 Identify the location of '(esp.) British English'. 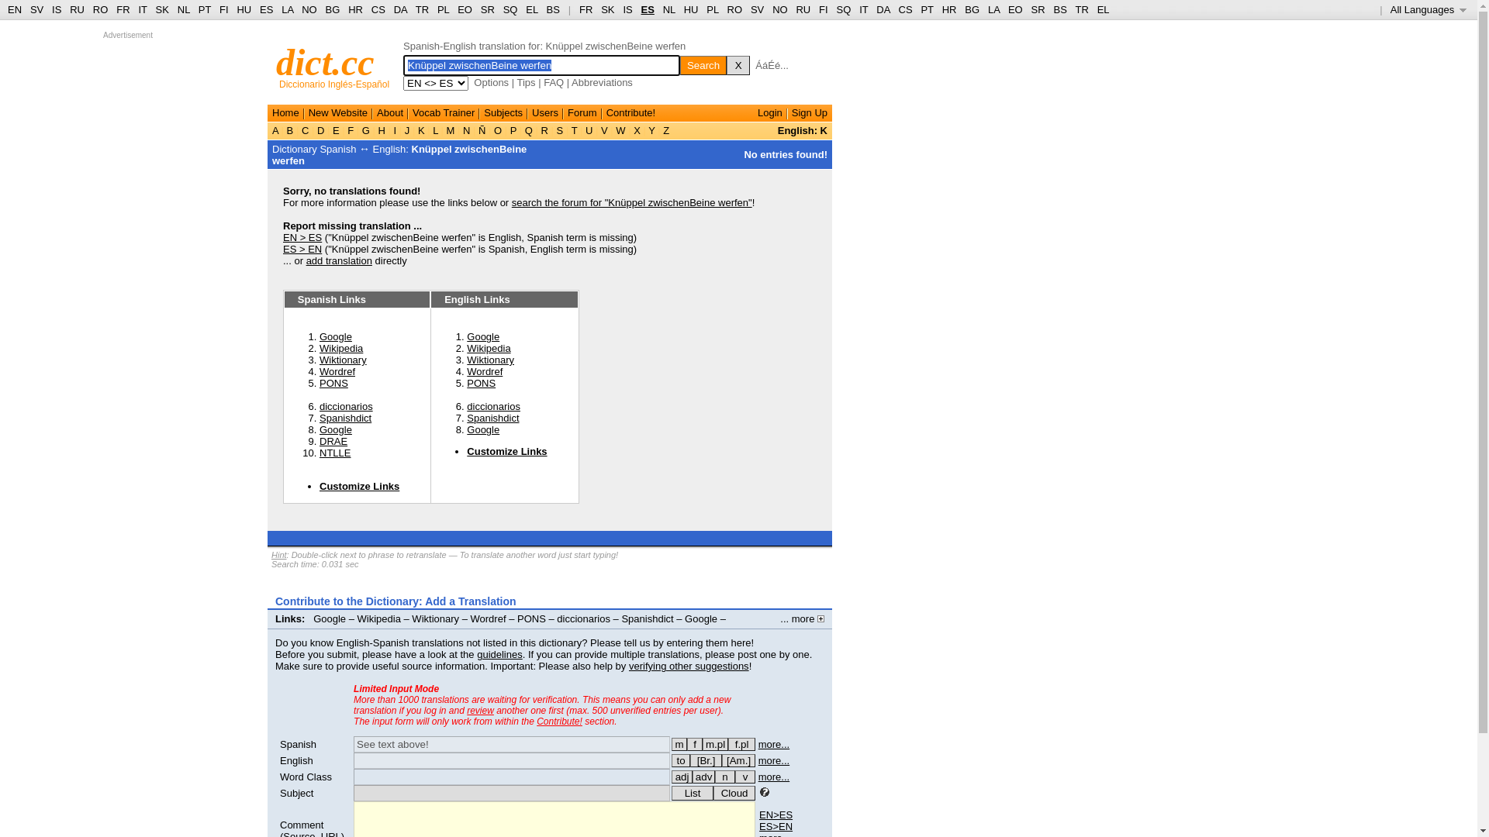
(705, 759).